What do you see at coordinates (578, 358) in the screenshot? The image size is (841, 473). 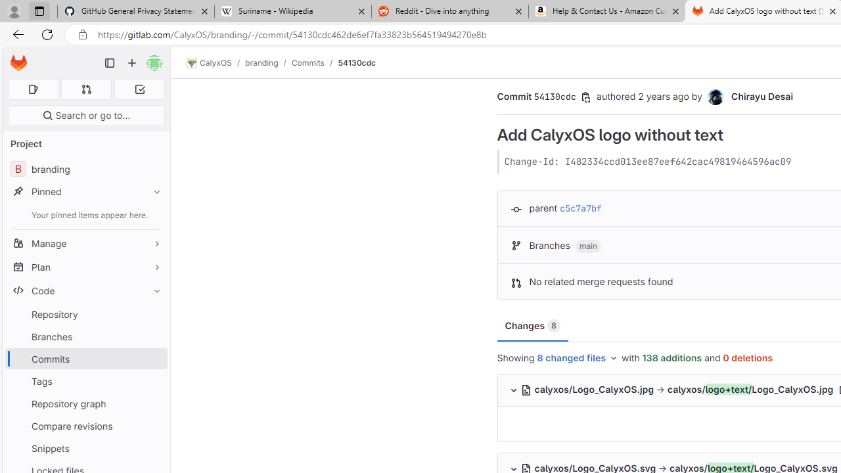 I see `'8 changed files'` at bounding box center [578, 358].